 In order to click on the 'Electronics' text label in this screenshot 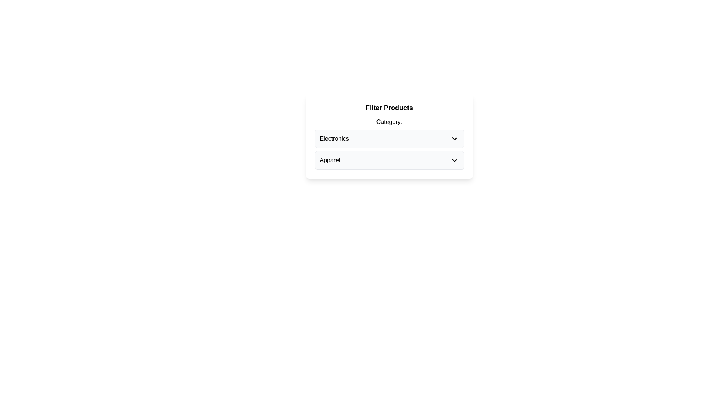, I will do `click(334, 139)`.